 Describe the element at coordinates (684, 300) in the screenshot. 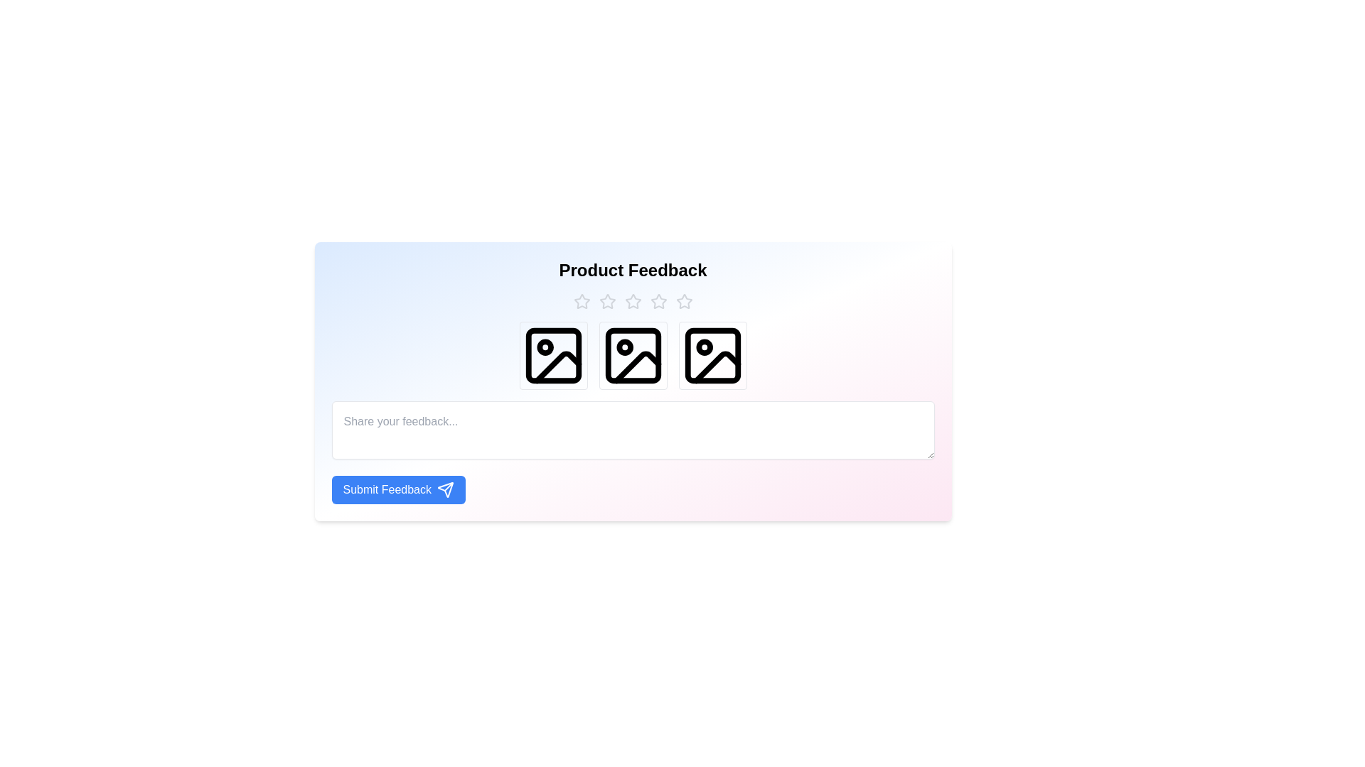

I see `the star rating to 5 stars by clicking on the corresponding star` at that location.